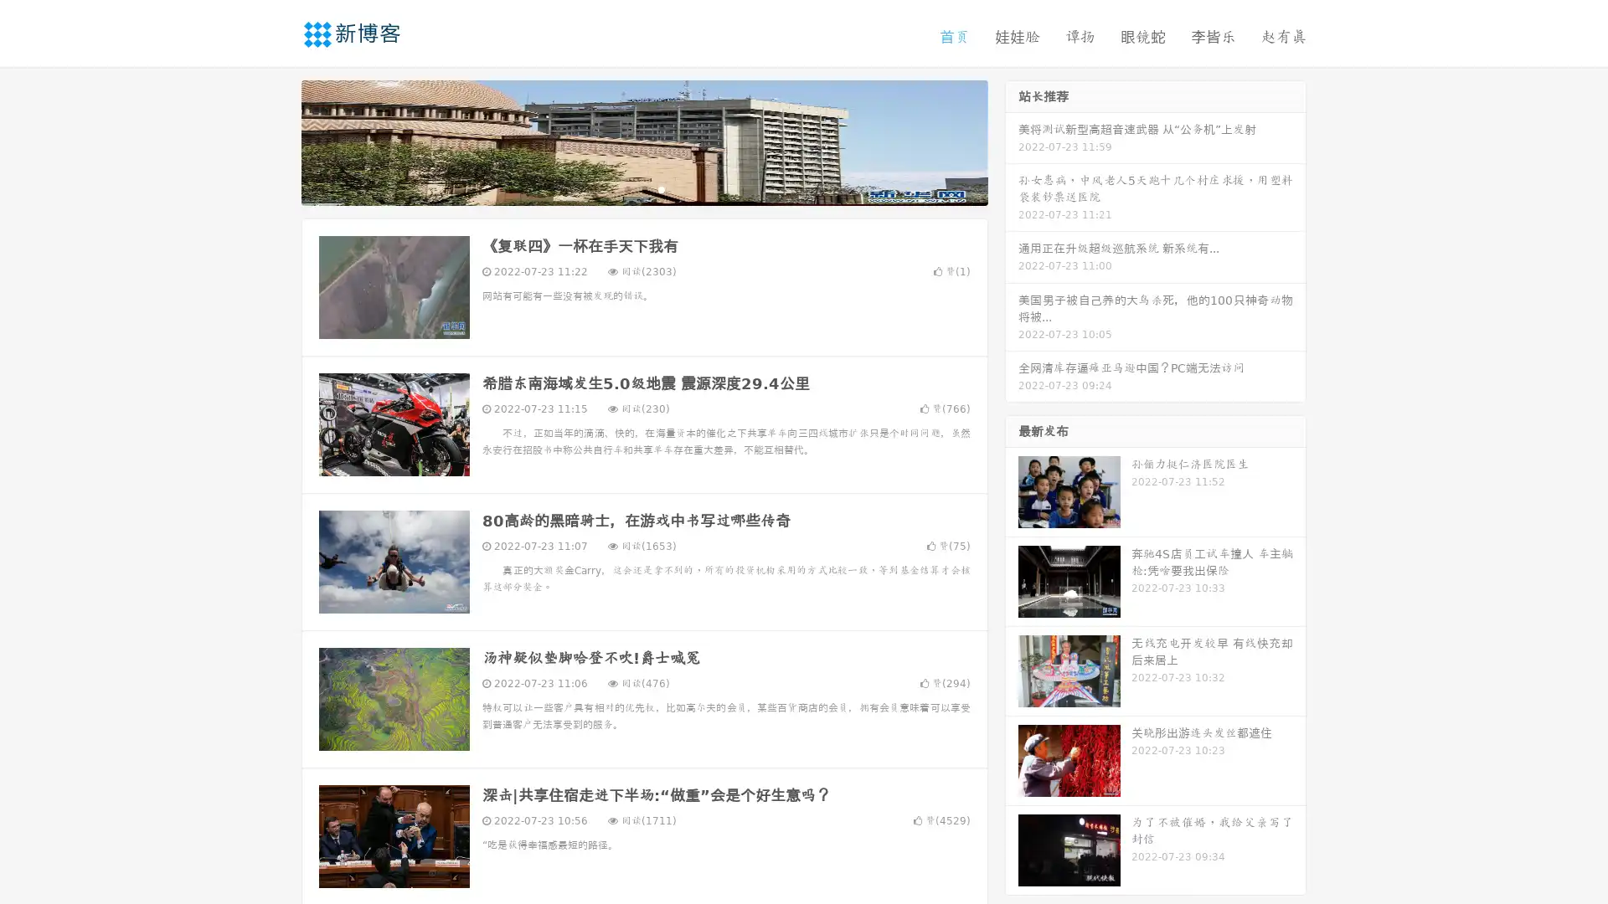  What do you see at coordinates (661, 188) in the screenshot?
I see `Go to slide 3` at bounding box center [661, 188].